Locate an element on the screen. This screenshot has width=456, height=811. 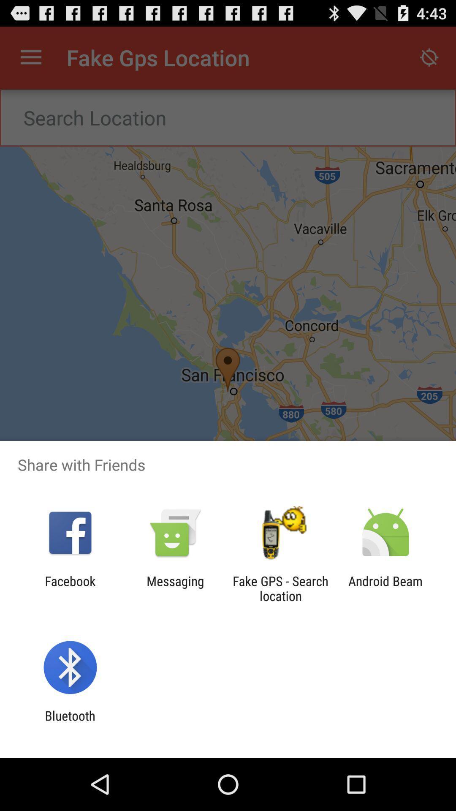
the icon next to messaging item is located at coordinates (70, 588).